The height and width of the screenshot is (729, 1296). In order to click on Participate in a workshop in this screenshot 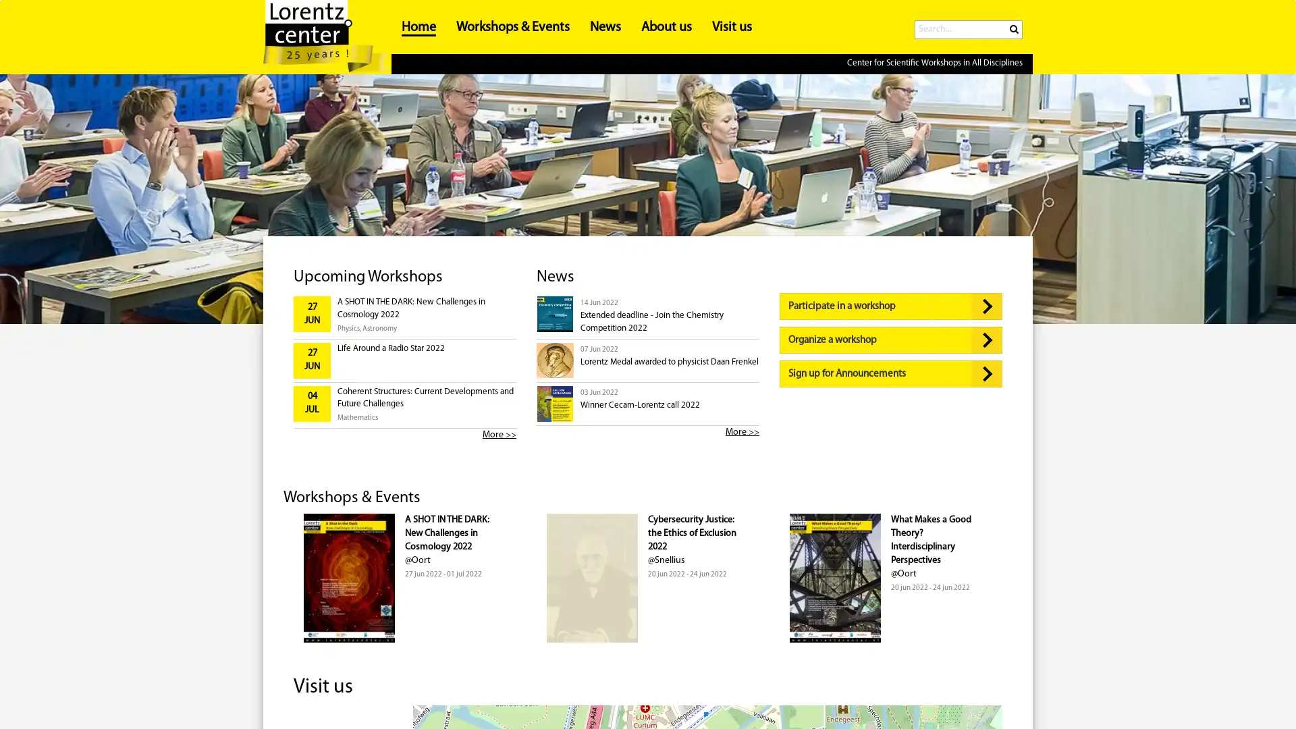, I will do `click(891, 306)`.